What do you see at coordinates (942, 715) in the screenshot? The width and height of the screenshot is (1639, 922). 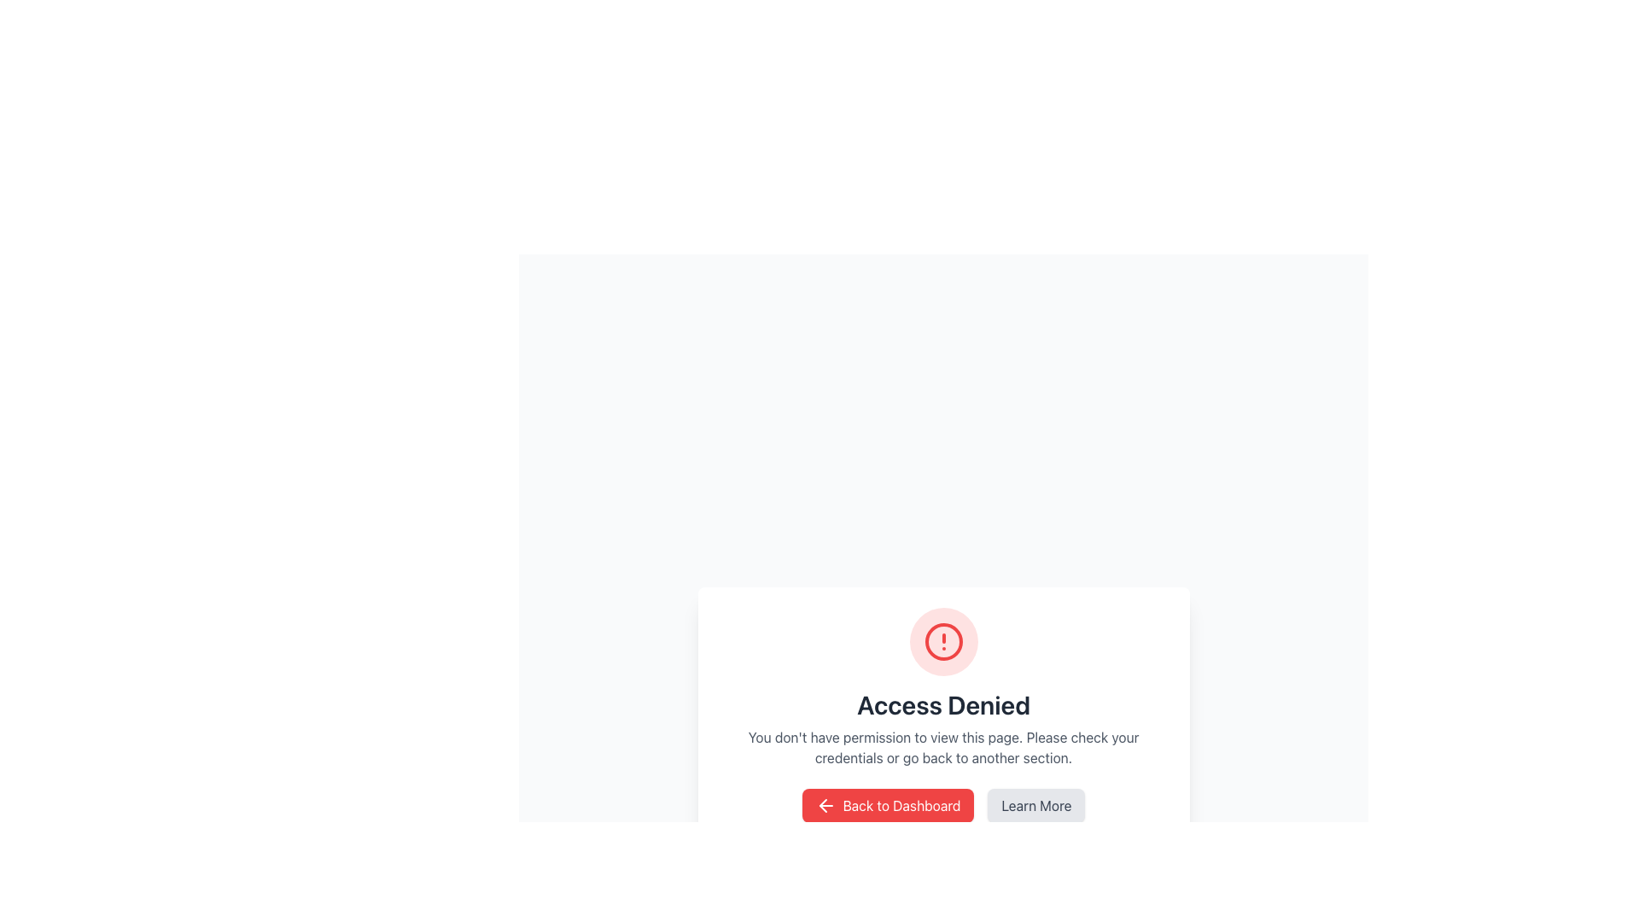 I see `warning message displayed in the Notification/alert dialog with the text 'Access Denied' located below the warning icon` at bounding box center [942, 715].